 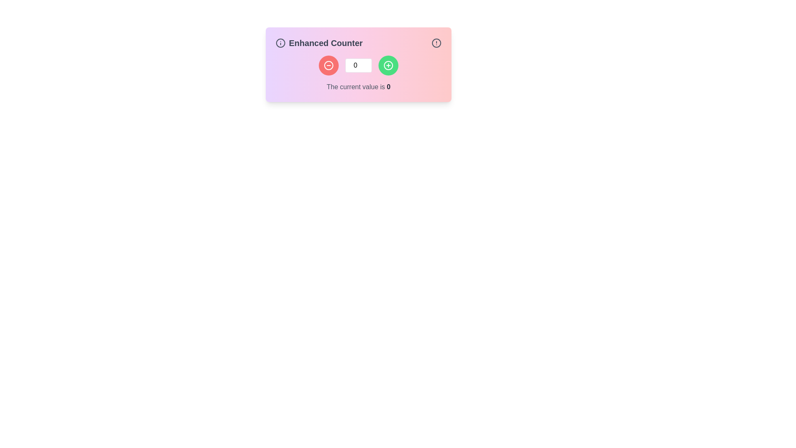 What do you see at coordinates (358, 87) in the screenshot?
I see `the static informational text label that displays the current value of the numeric input, located below the central numeric input field within a rectangular panel with a gradient background` at bounding box center [358, 87].